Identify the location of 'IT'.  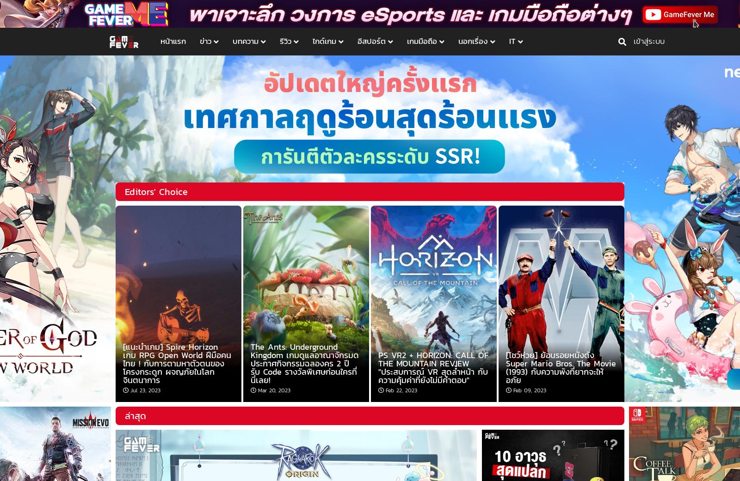
(509, 41).